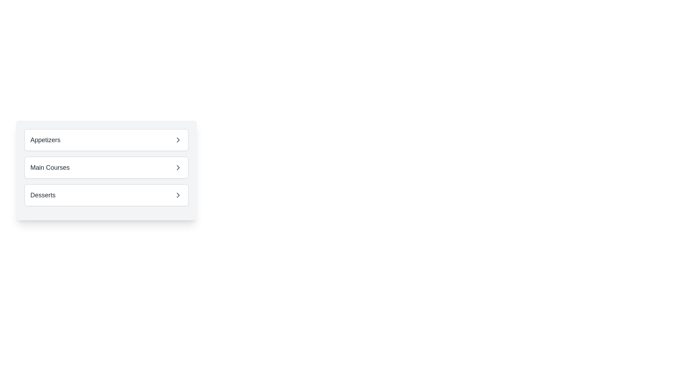 The width and height of the screenshot is (679, 382). Describe the element at coordinates (106, 140) in the screenshot. I see `the first button in the vertical menu` at that location.